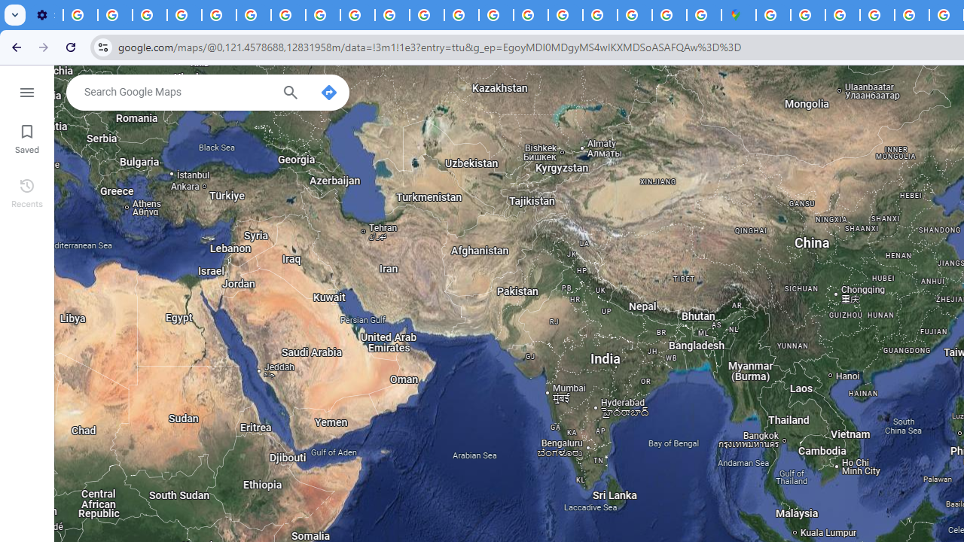 Image resolution: width=964 pixels, height=542 pixels. Describe the element at coordinates (45, 15) in the screenshot. I see `'Settings - Customize profile'` at that location.